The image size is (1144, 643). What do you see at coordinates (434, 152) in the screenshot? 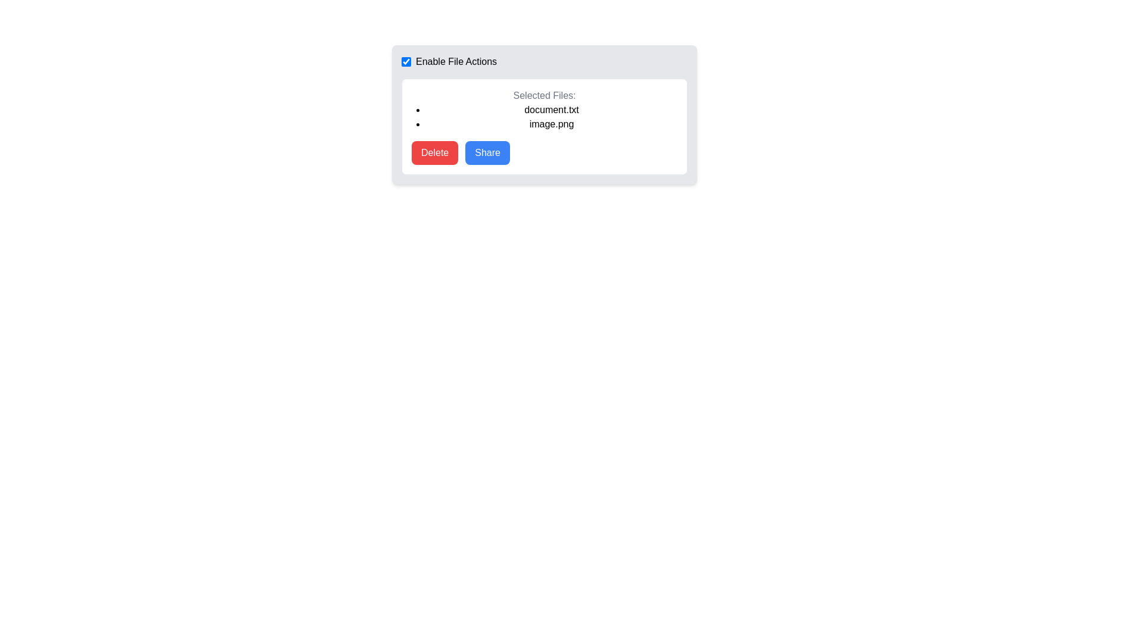
I see `the text label within the red button that deletes selected files, located at the bottom-left area of the panel` at bounding box center [434, 152].